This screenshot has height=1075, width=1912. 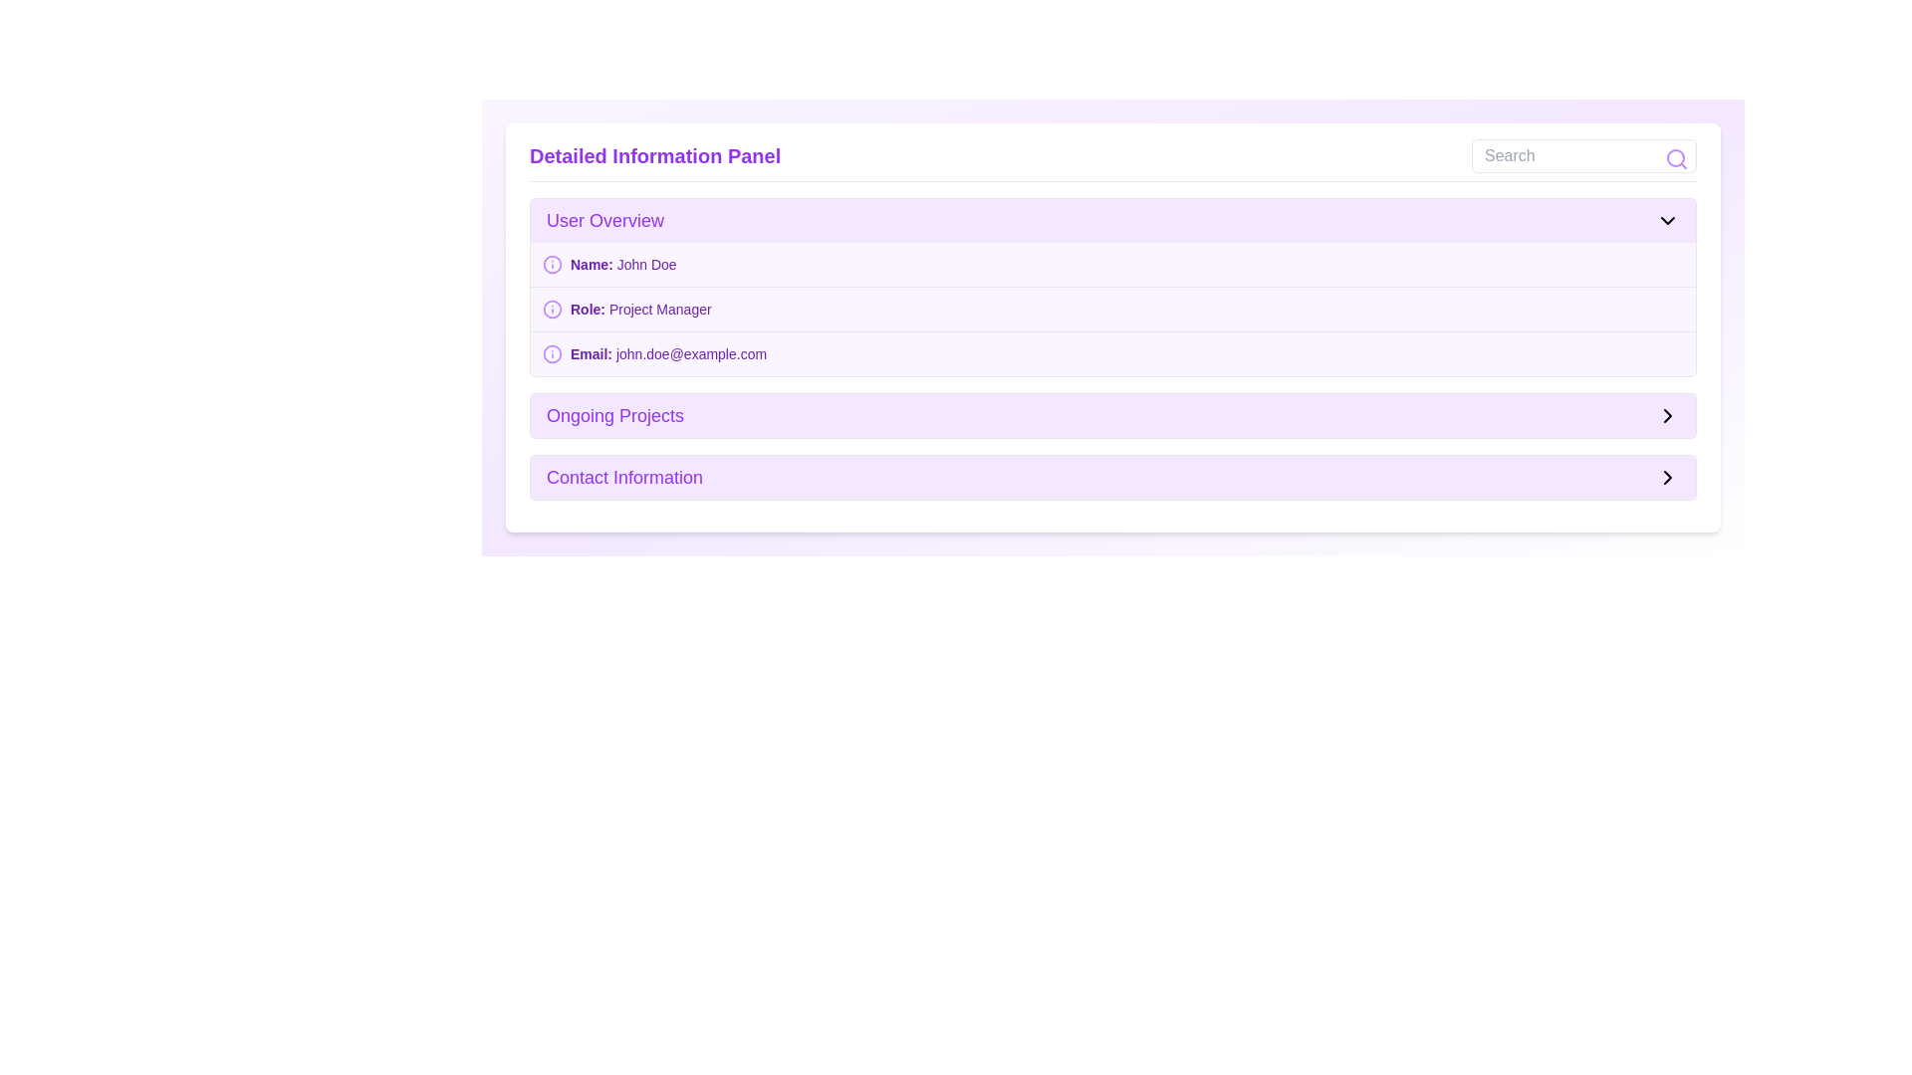 What do you see at coordinates (640, 310) in the screenshot?
I see `the static text displaying 'Role: Project Manager', which is styled in purple and is the second item in the user details list within the 'Detailed Information Panel'` at bounding box center [640, 310].